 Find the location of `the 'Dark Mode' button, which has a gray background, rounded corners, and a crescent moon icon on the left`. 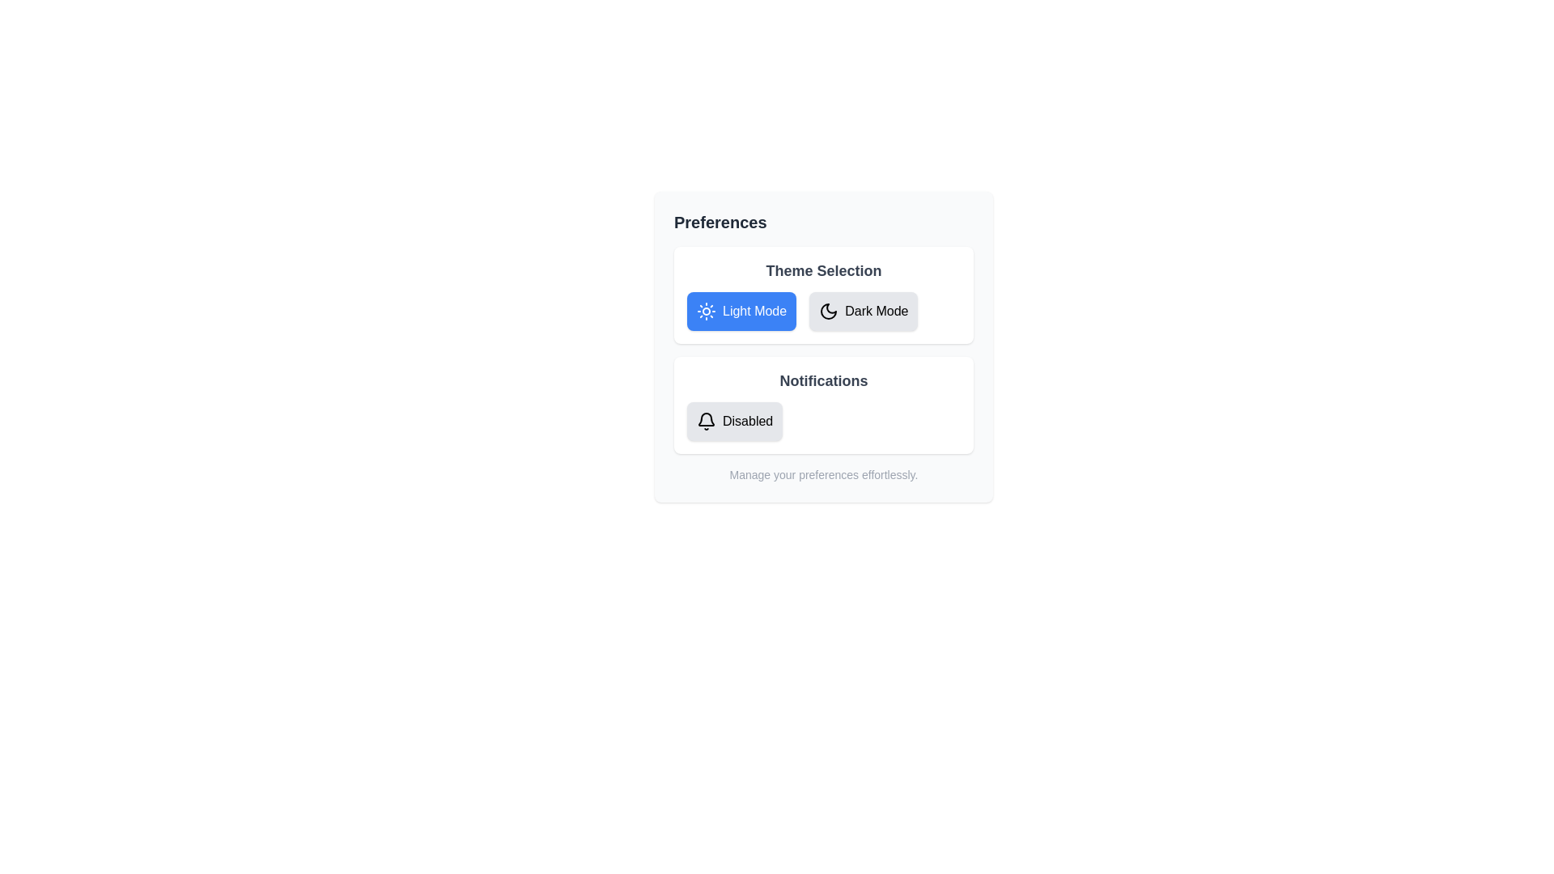

the 'Dark Mode' button, which has a gray background, rounded corners, and a crescent moon icon on the left is located at coordinates (863, 312).